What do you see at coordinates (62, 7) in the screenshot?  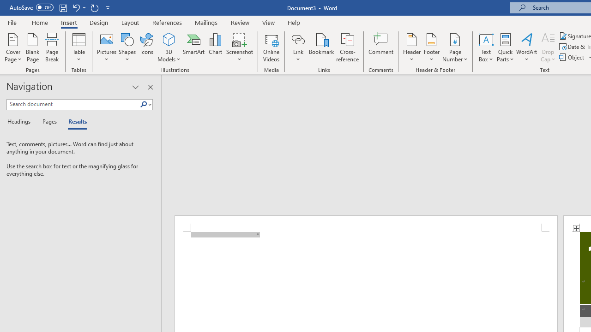 I see `'Save'` at bounding box center [62, 7].